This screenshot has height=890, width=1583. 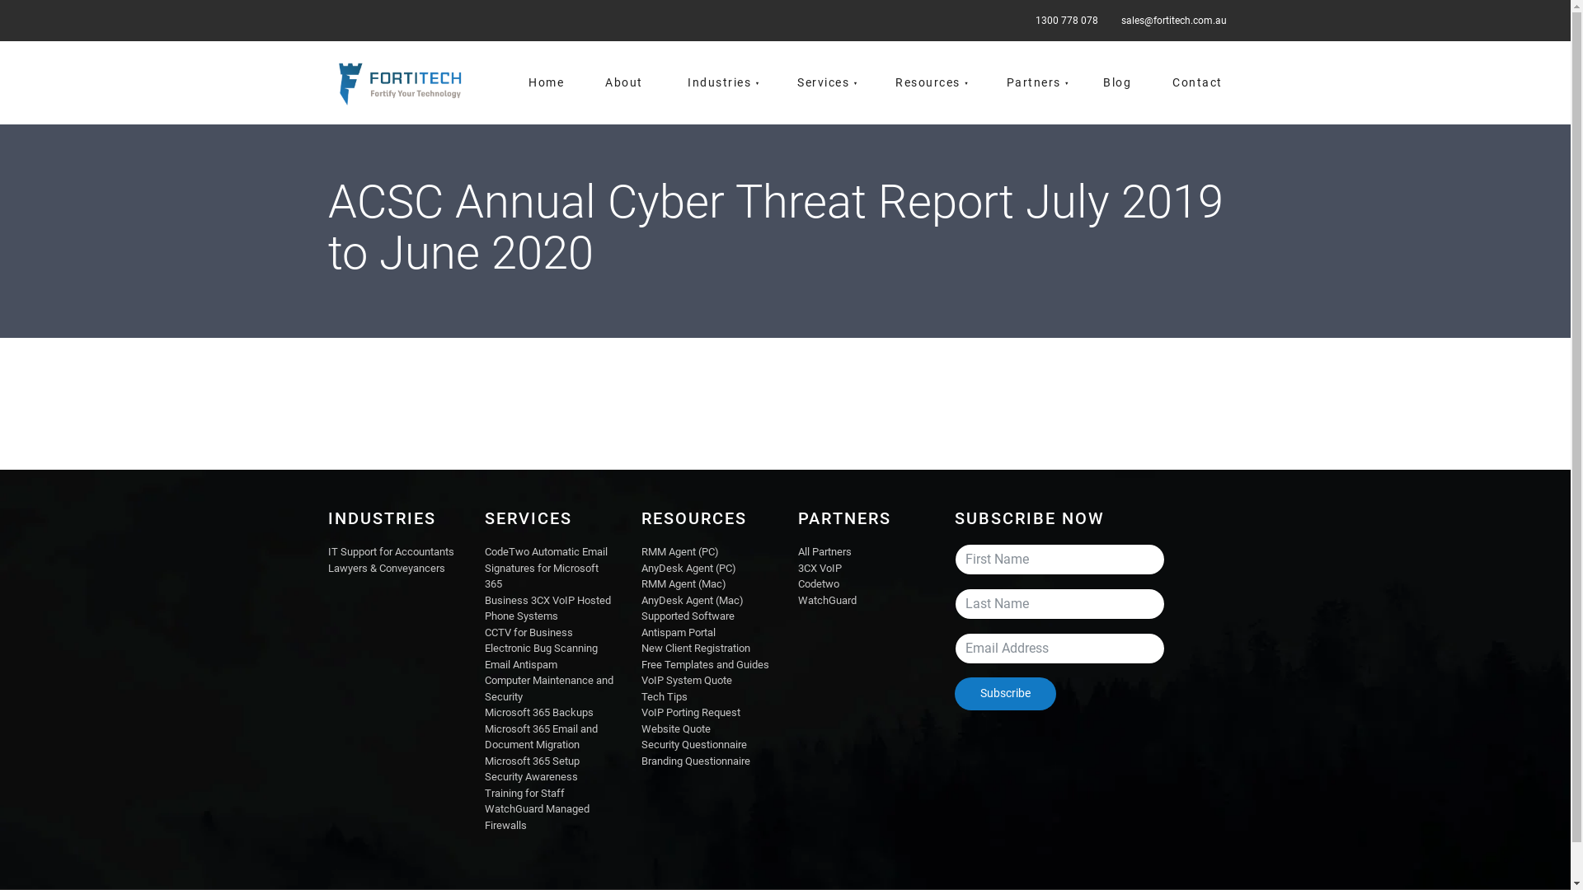 What do you see at coordinates (683, 583) in the screenshot?
I see `'RMM Agent (Mac)'` at bounding box center [683, 583].